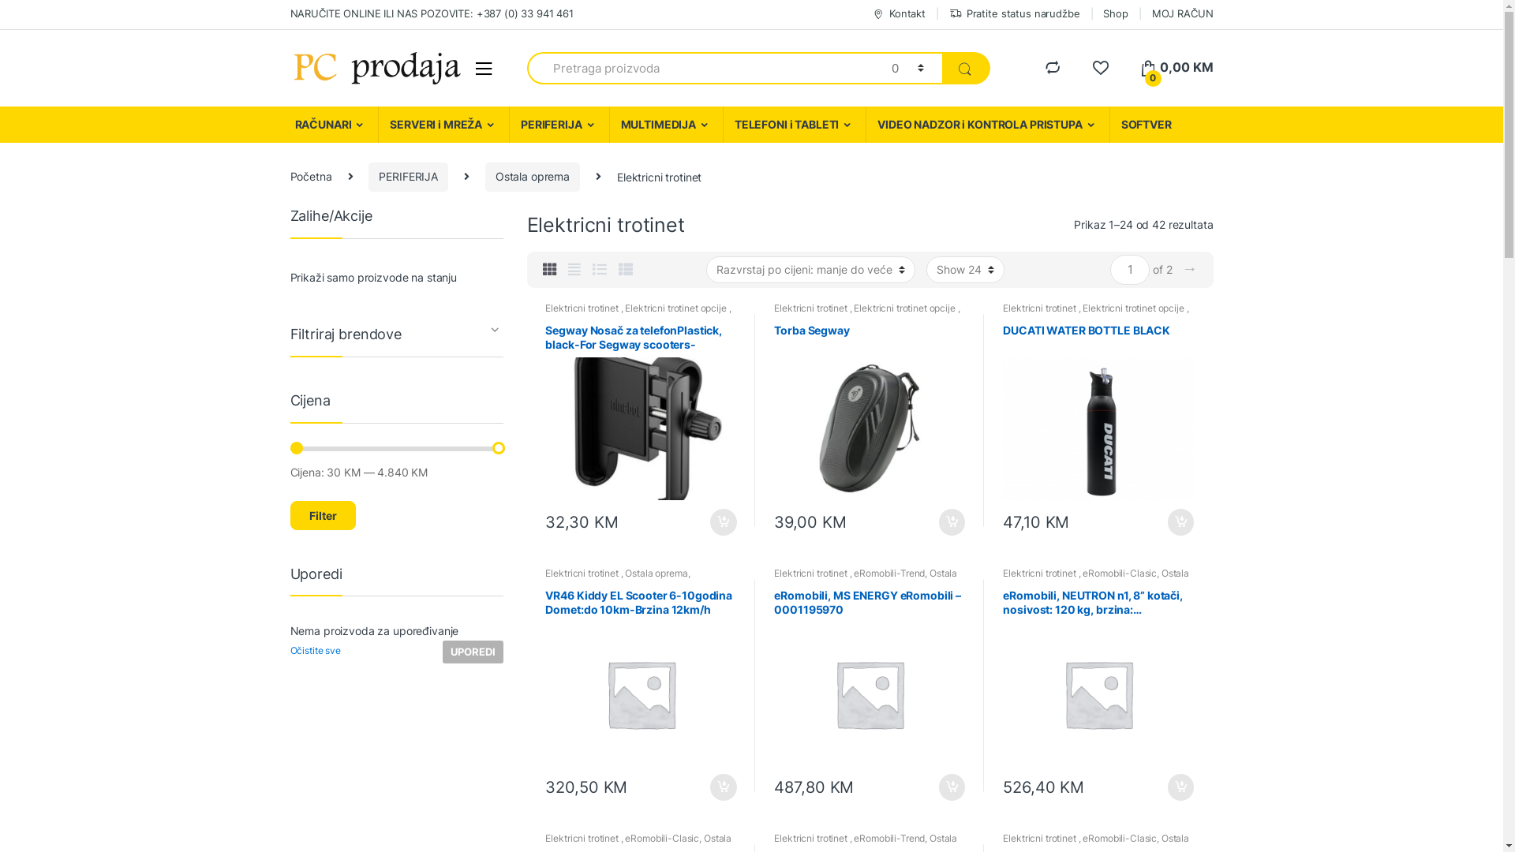 This screenshot has width=1515, height=852. Describe the element at coordinates (1146, 124) in the screenshot. I see `'SOFTVER'` at that location.